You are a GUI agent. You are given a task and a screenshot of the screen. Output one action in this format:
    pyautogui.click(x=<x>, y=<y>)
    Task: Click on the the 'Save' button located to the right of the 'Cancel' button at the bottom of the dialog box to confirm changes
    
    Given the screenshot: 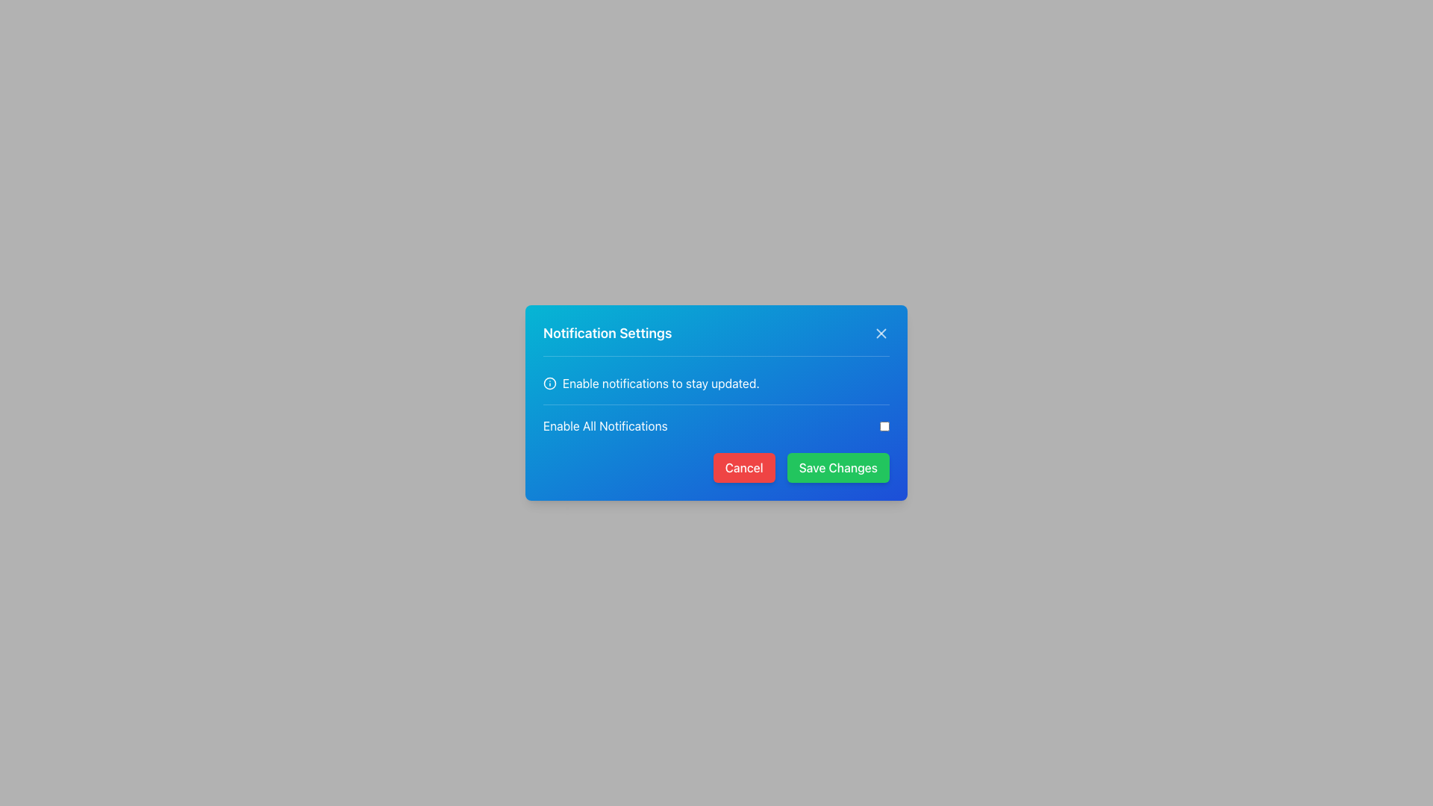 What is the action you would take?
    pyautogui.click(x=838, y=467)
    